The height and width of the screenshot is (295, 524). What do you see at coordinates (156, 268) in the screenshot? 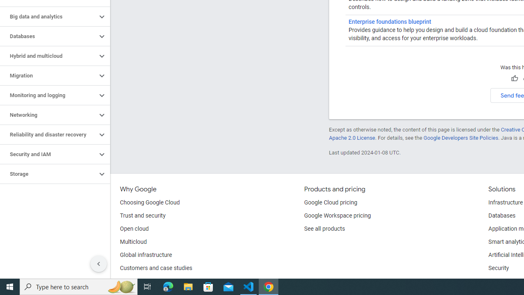
I see `'Customers and case studies'` at bounding box center [156, 268].